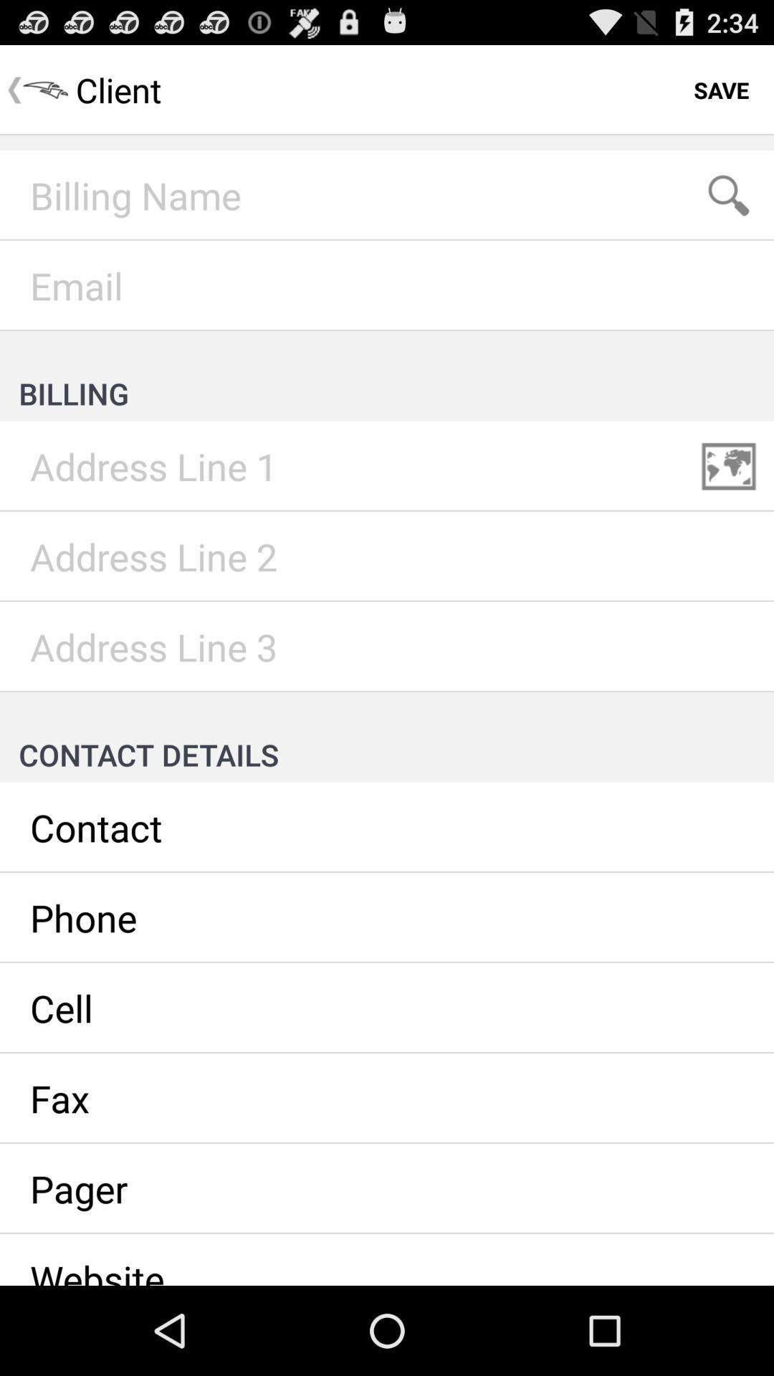 The width and height of the screenshot is (774, 1376). I want to click on phone details, so click(387, 918).